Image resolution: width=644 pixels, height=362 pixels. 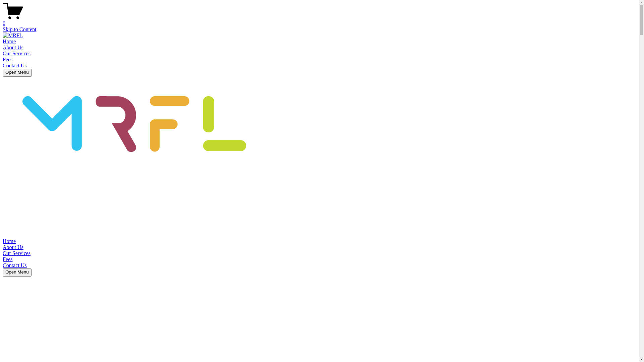 What do you see at coordinates (3, 59) in the screenshot?
I see `'Fees'` at bounding box center [3, 59].